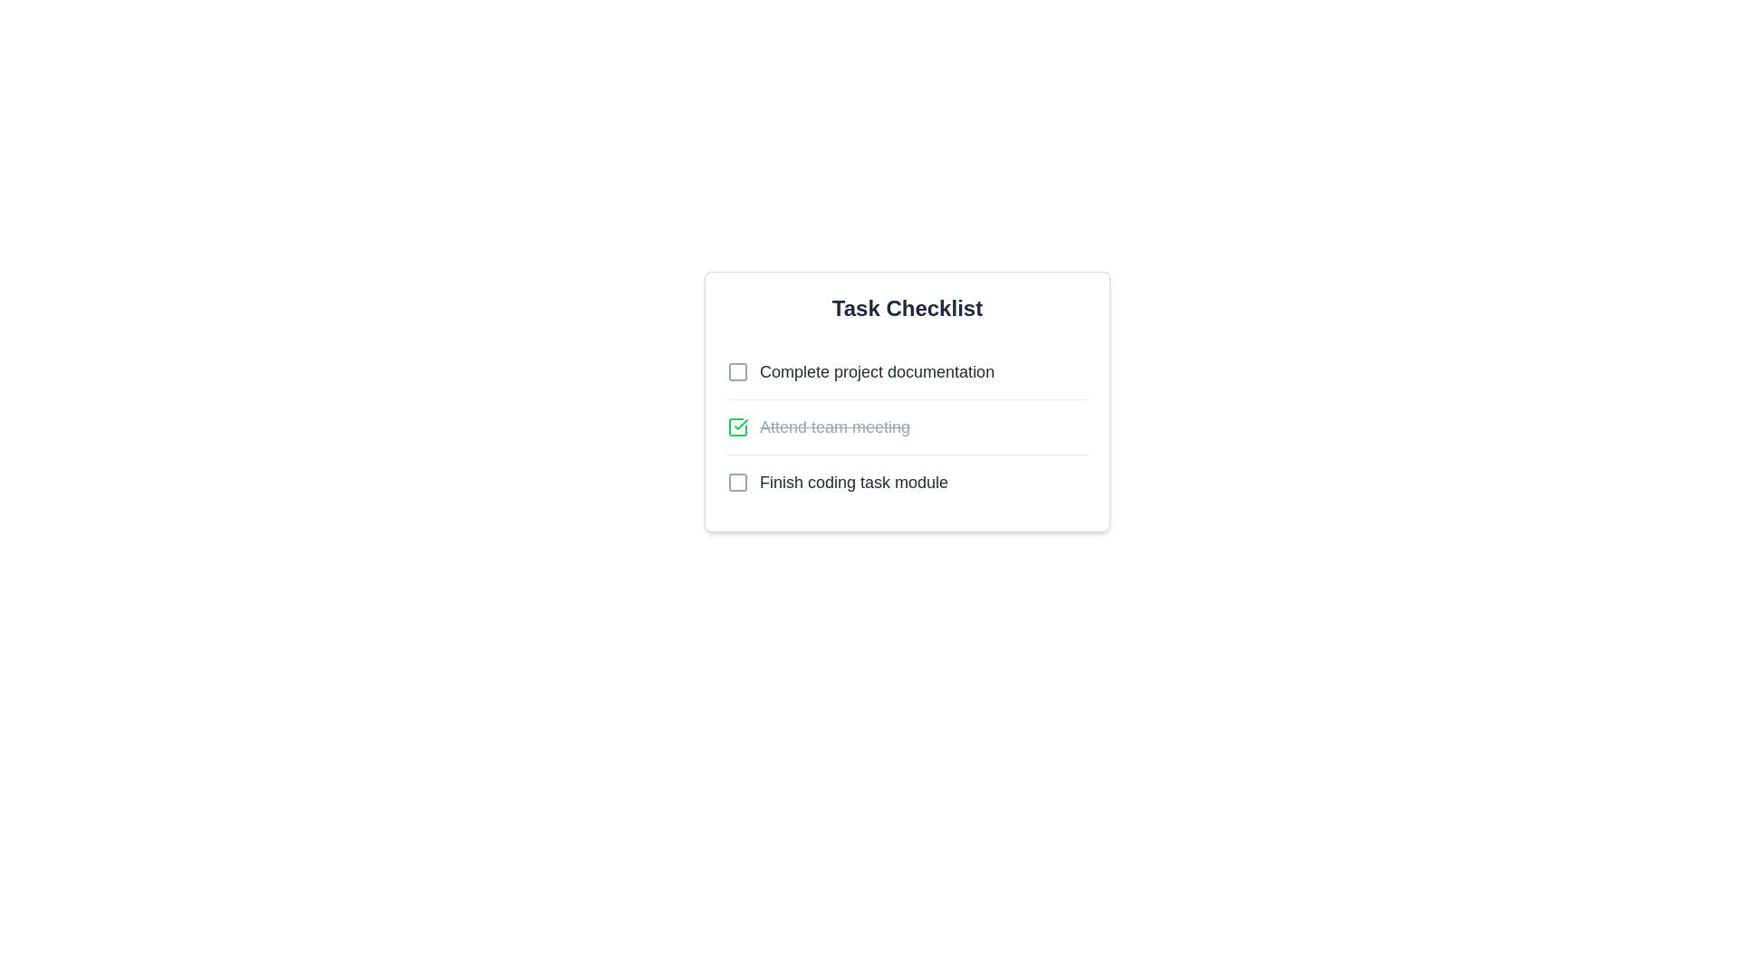  Describe the element at coordinates (738, 481) in the screenshot. I see `the checkbox adjacent to the 'Finish coding task module' text` at that location.